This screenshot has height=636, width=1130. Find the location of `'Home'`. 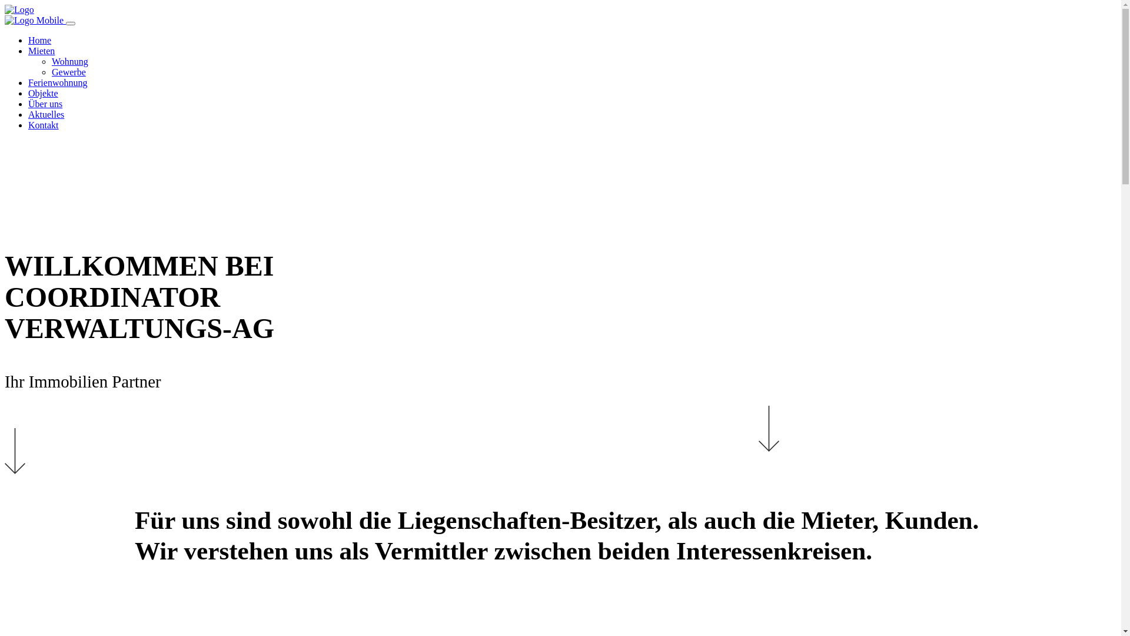

'Home' is located at coordinates (28, 39).